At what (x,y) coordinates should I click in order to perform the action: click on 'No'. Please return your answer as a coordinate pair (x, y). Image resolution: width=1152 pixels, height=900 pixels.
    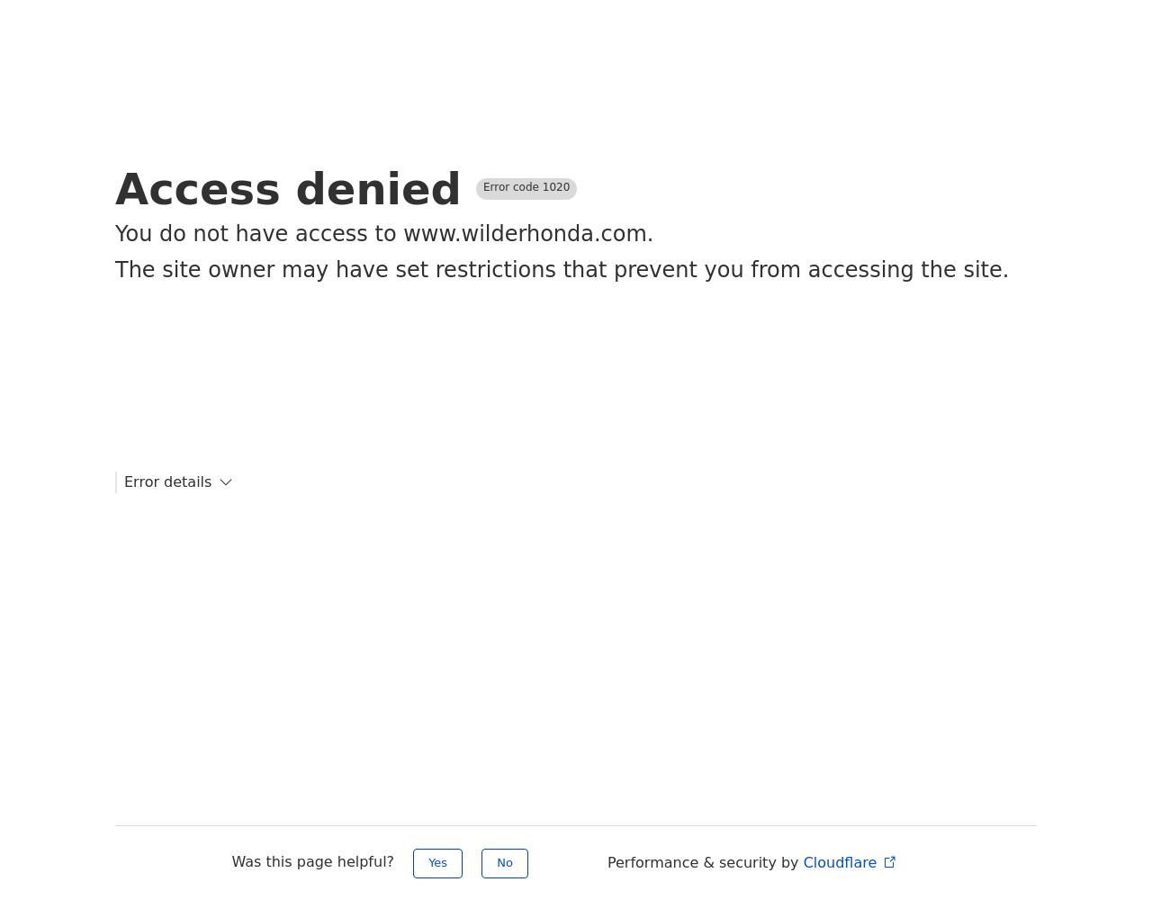
    Looking at the image, I should click on (504, 861).